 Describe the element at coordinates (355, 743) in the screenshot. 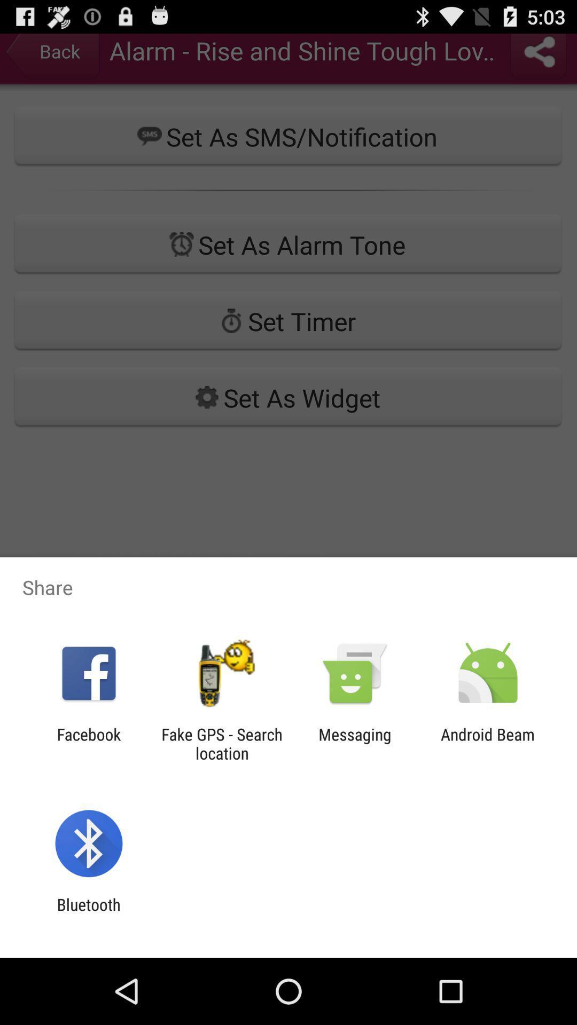

I see `app next to the android beam app` at that location.